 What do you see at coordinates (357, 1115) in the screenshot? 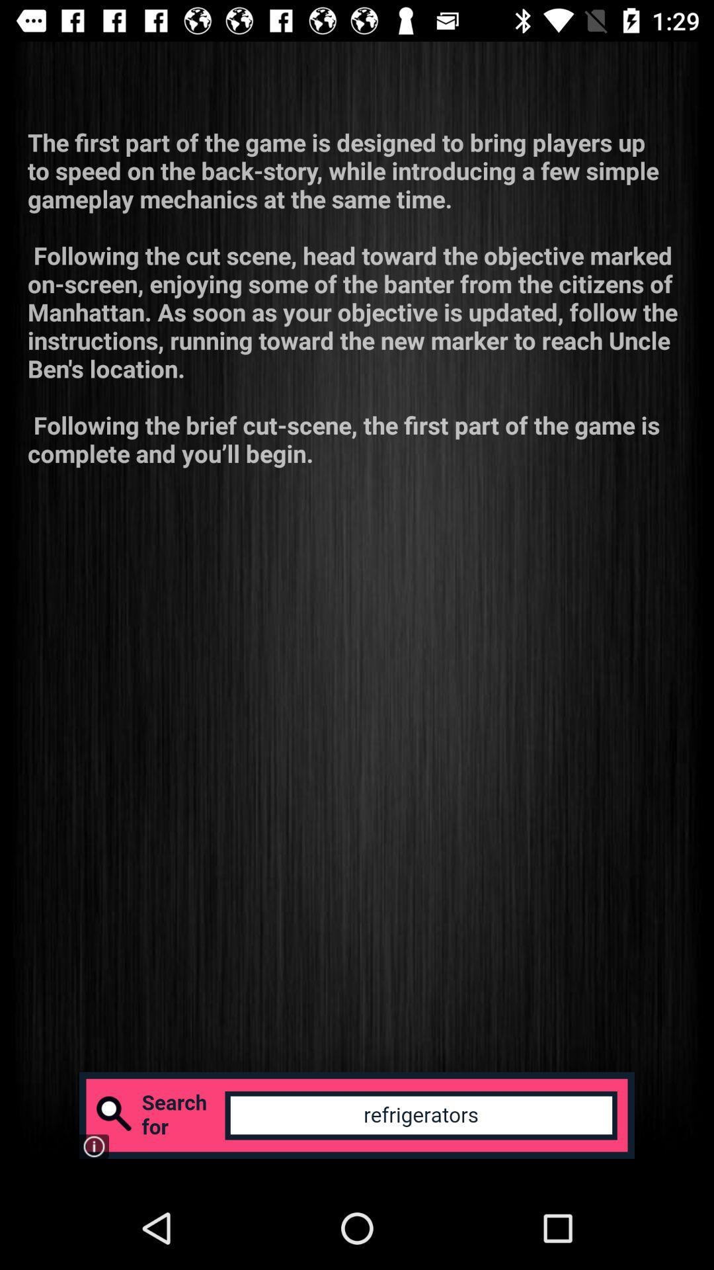
I see `search option` at bounding box center [357, 1115].